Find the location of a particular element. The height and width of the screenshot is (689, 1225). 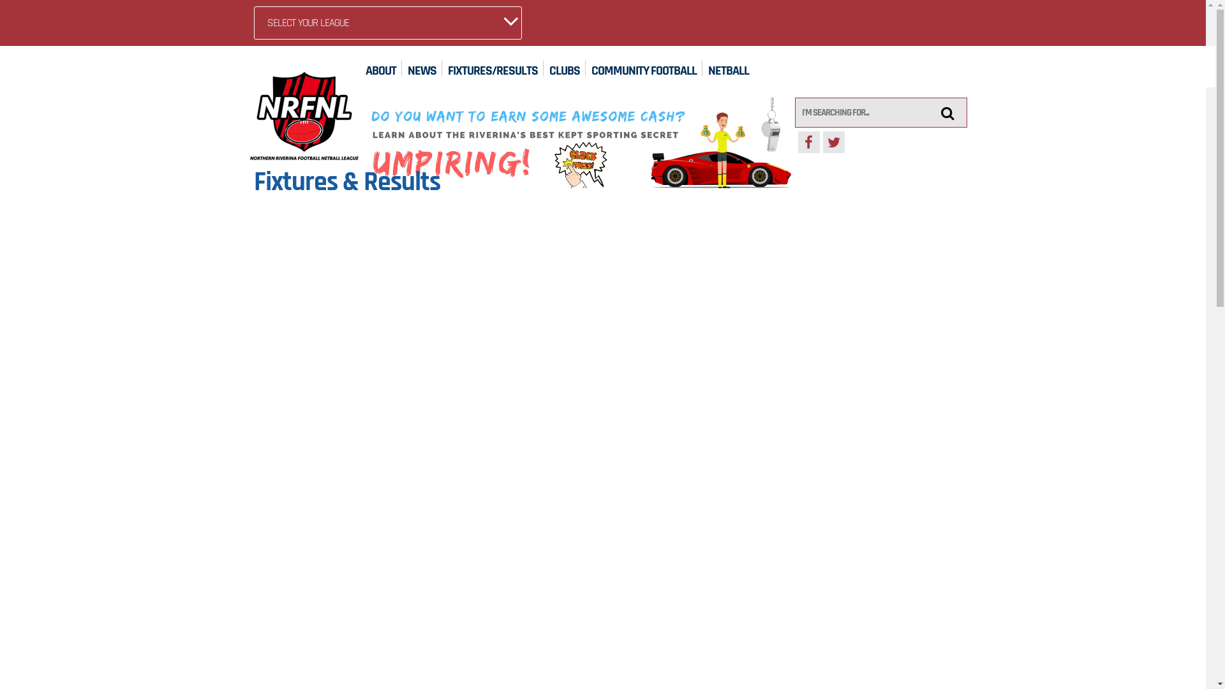

'NEWS' is located at coordinates (422, 68).